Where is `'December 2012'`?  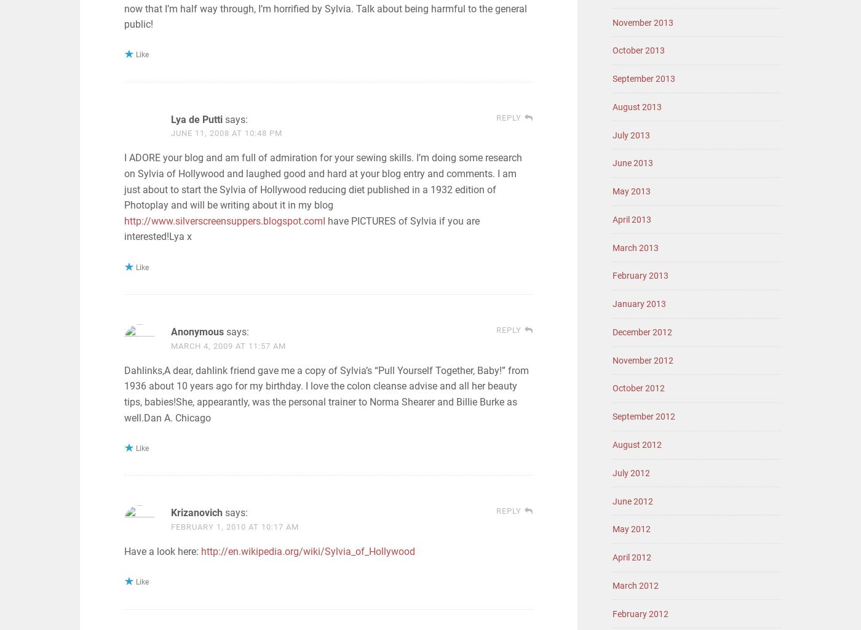
'December 2012' is located at coordinates (612, 332).